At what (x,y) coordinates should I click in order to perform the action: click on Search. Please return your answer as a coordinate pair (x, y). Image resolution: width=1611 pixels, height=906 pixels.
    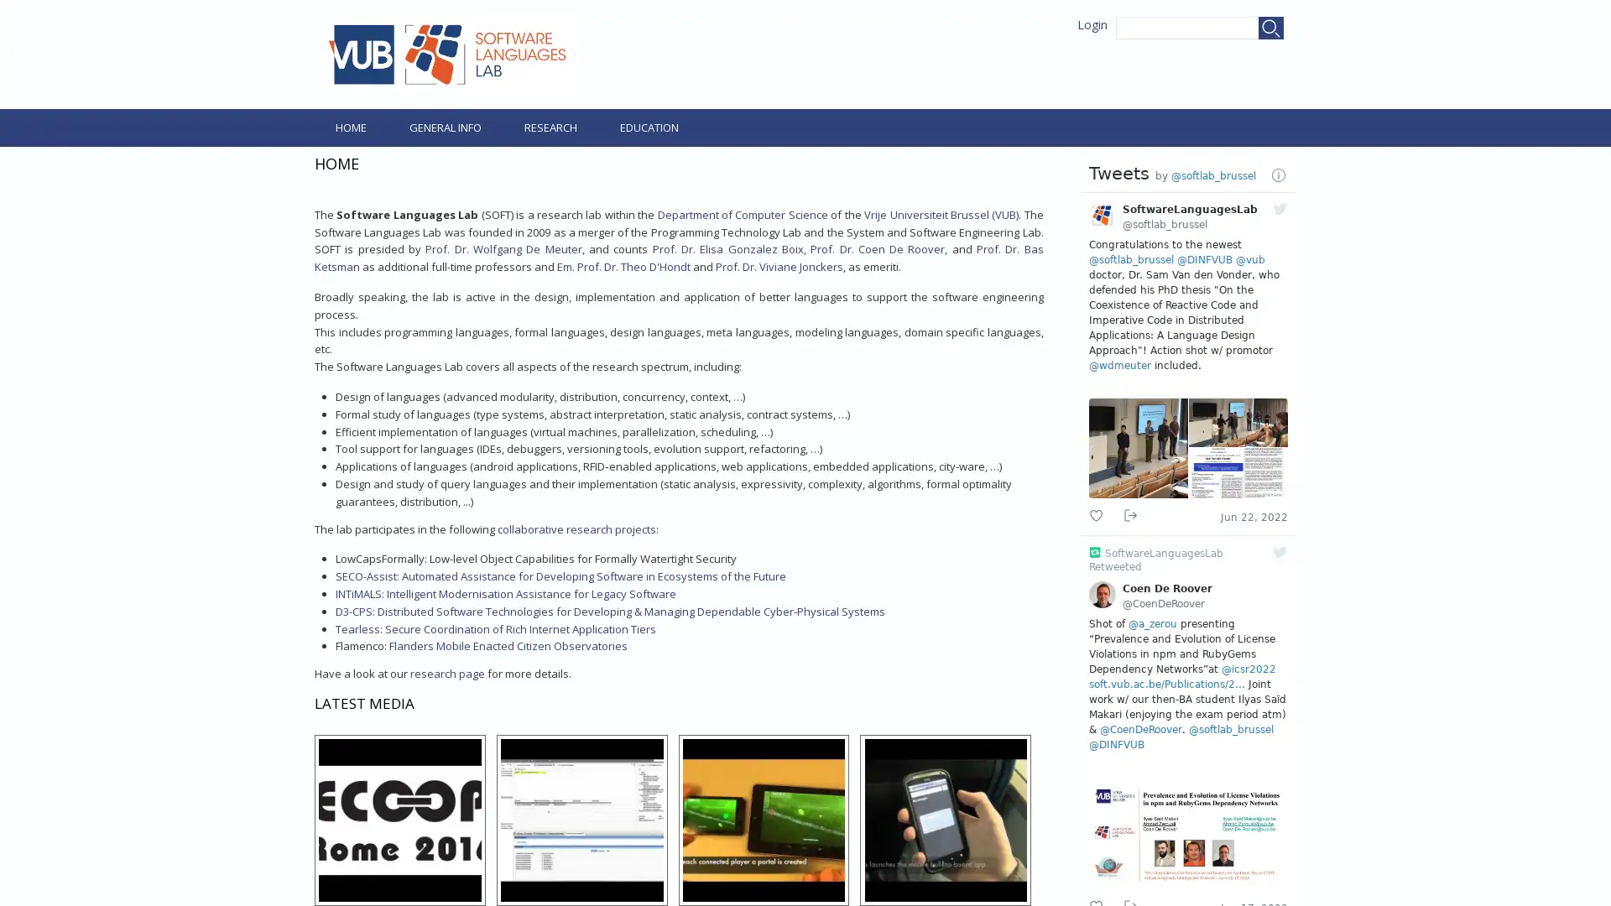
    Looking at the image, I should click on (1271, 28).